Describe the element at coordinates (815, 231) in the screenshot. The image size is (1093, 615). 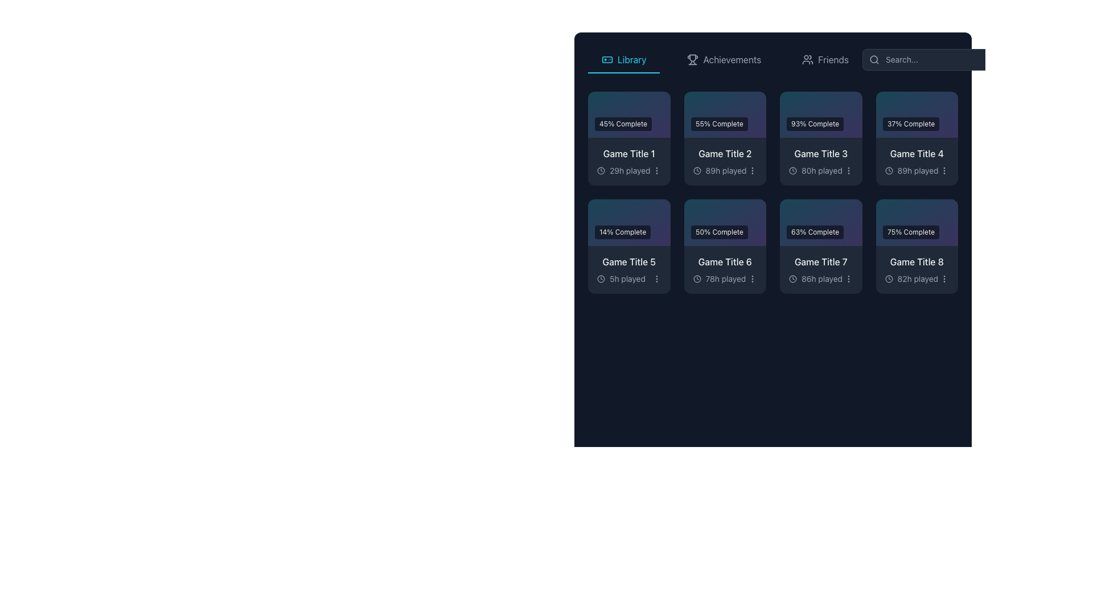
I see `the text indicator displaying the progress percentage for 'Game Title 7', located in the bottom-left corner of its card in the Library section` at that location.